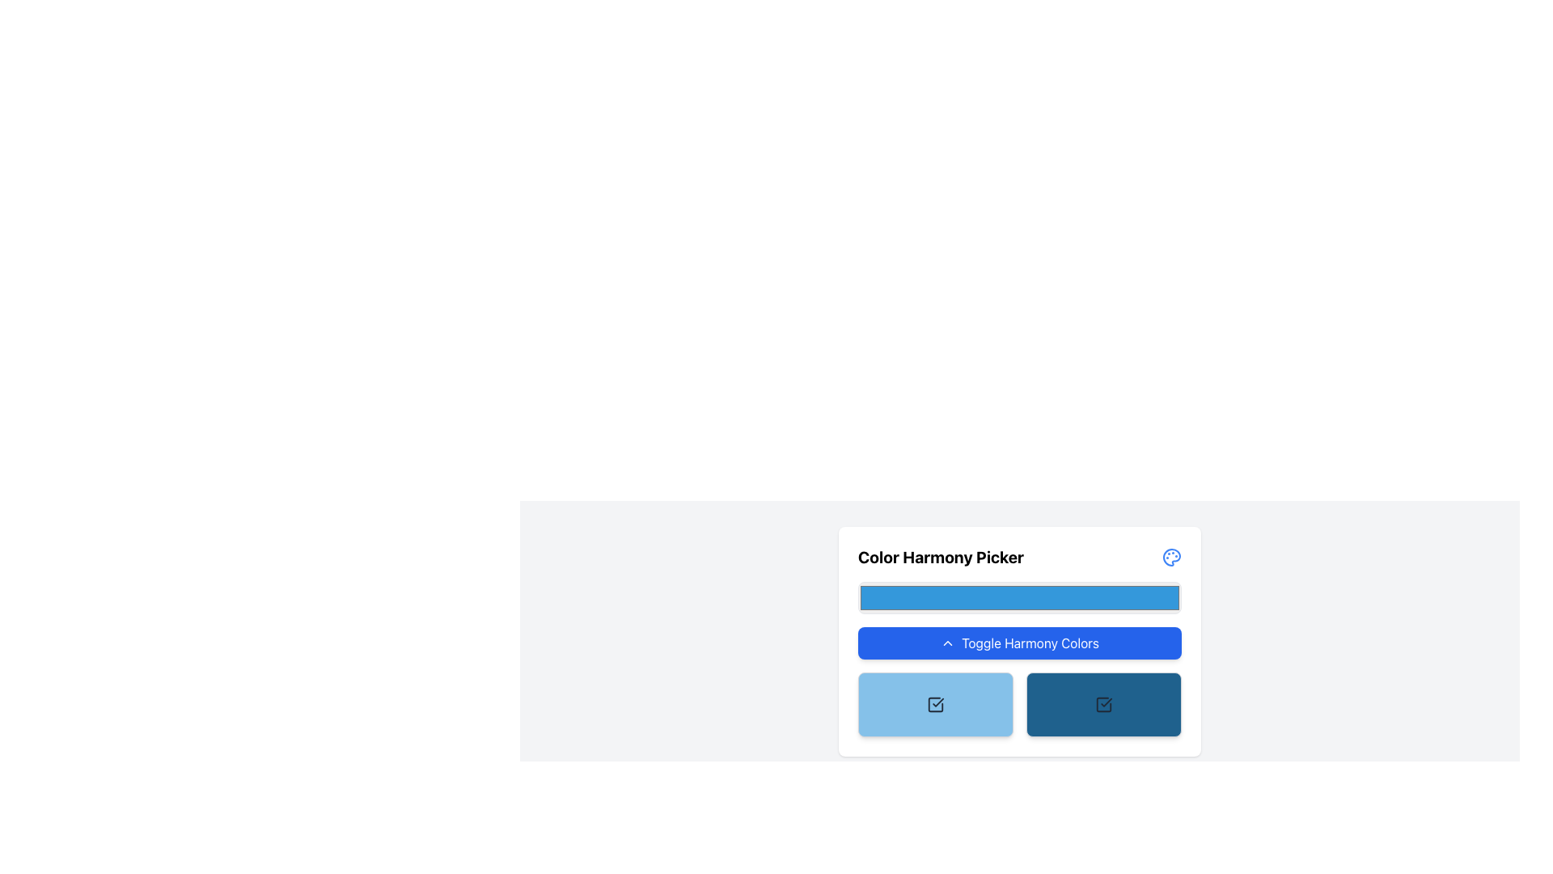  What do you see at coordinates (1172, 557) in the screenshot?
I see `the color/design-related feature icon located in the 'Color Harmony Picker' section, to the far right of its header` at bounding box center [1172, 557].